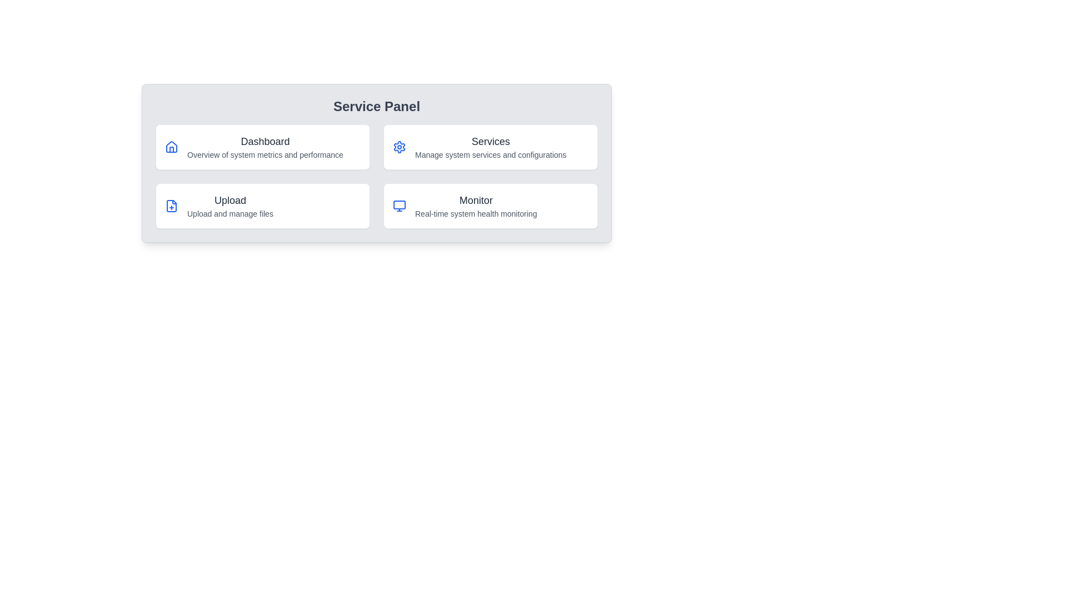 This screenshot has width=1067, height=600. I want to click on the Dashboard icon located in the top-left quadrant of the Service Panel, which symbolizes a high-level overview of the service, so click(171, 146).